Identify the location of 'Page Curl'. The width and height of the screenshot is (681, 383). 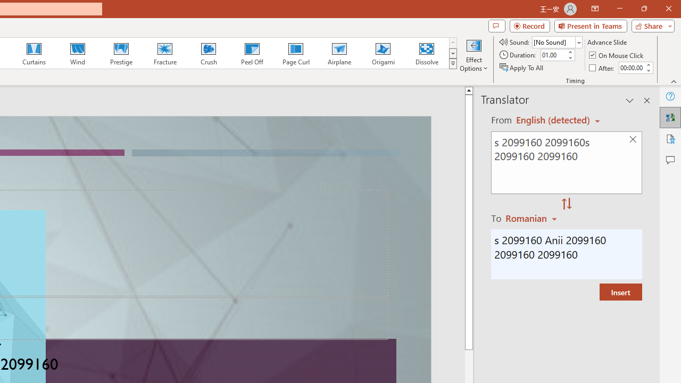
(295, 53).